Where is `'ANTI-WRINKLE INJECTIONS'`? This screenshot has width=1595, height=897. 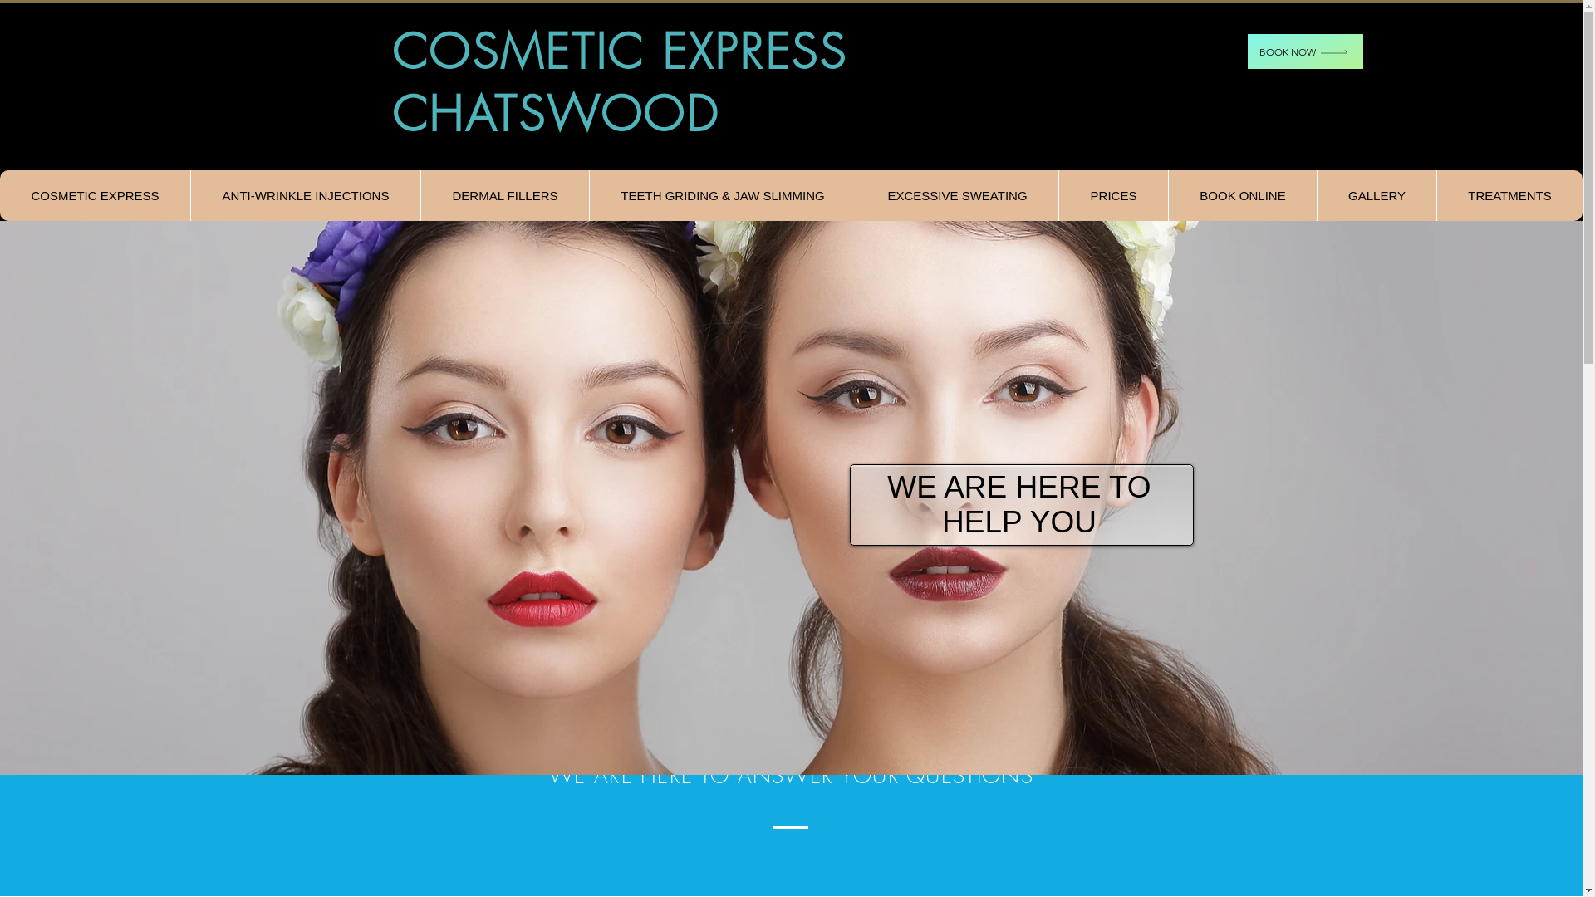 'ANTI-WRINKLE INJECTIONS' is located at coordinates (190, 194).